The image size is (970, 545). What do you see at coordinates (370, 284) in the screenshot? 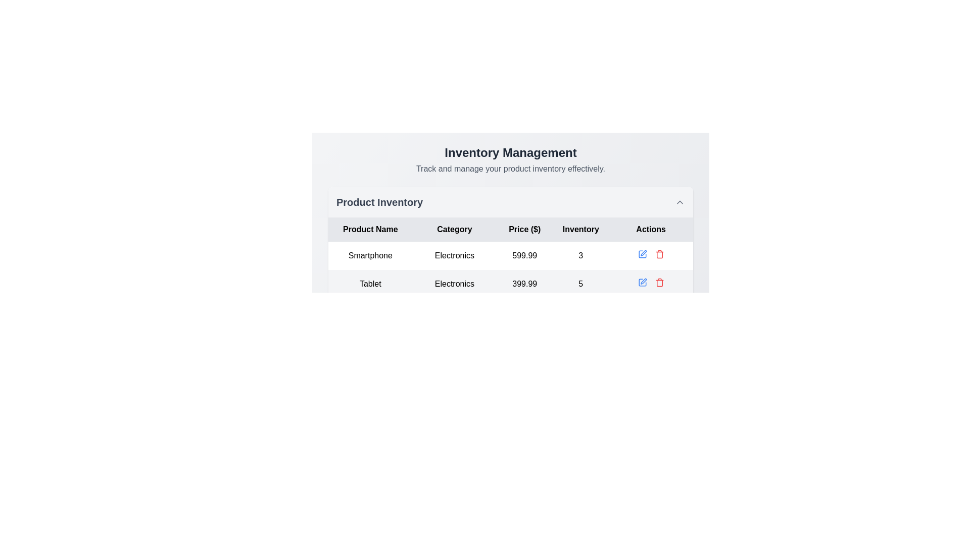
I see `the text label reading 'Tablet' in the second row under the 'Product Name' column` at bounding box center [370, 284].